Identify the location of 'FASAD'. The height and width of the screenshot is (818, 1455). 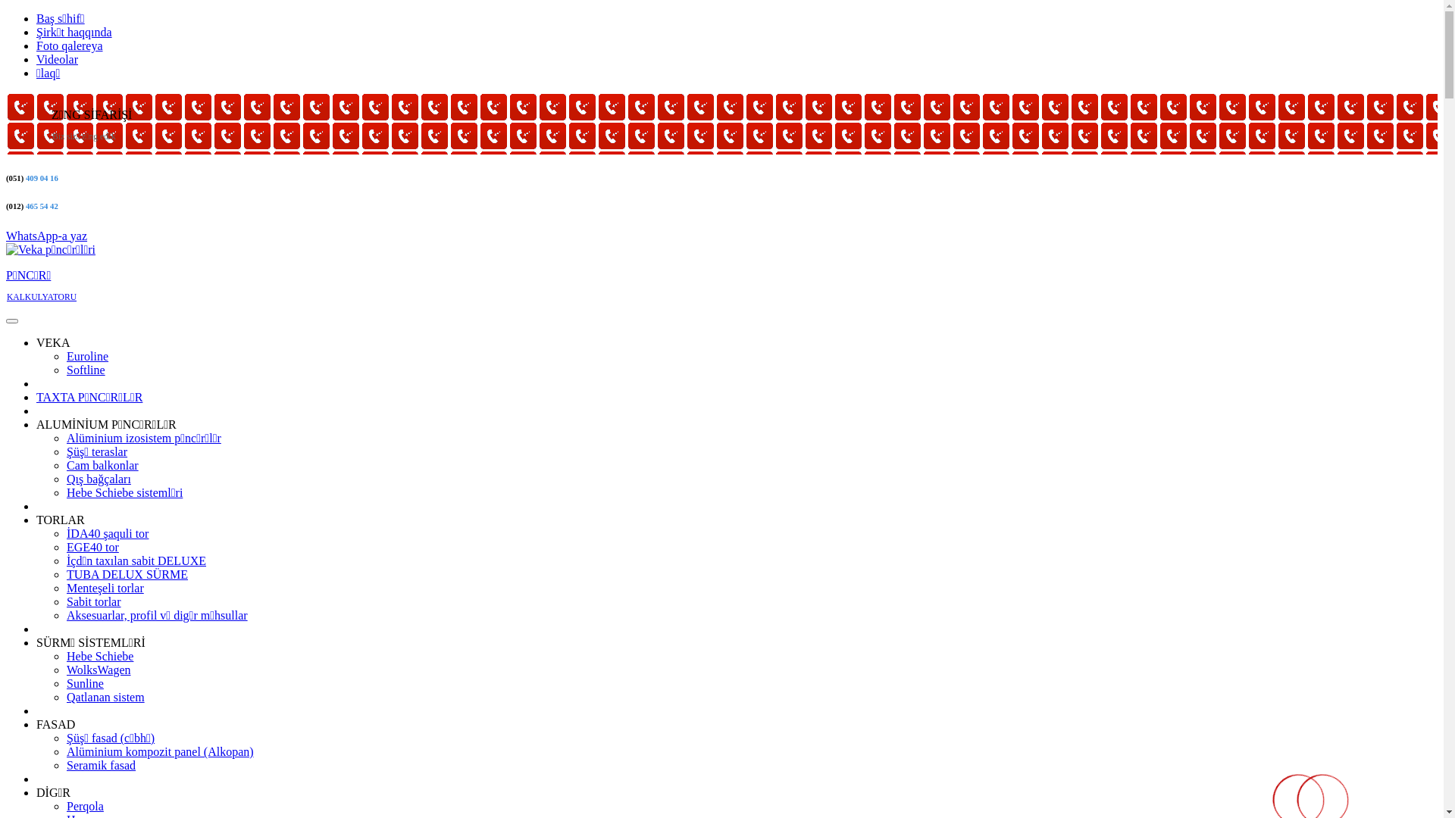
(55, 723).